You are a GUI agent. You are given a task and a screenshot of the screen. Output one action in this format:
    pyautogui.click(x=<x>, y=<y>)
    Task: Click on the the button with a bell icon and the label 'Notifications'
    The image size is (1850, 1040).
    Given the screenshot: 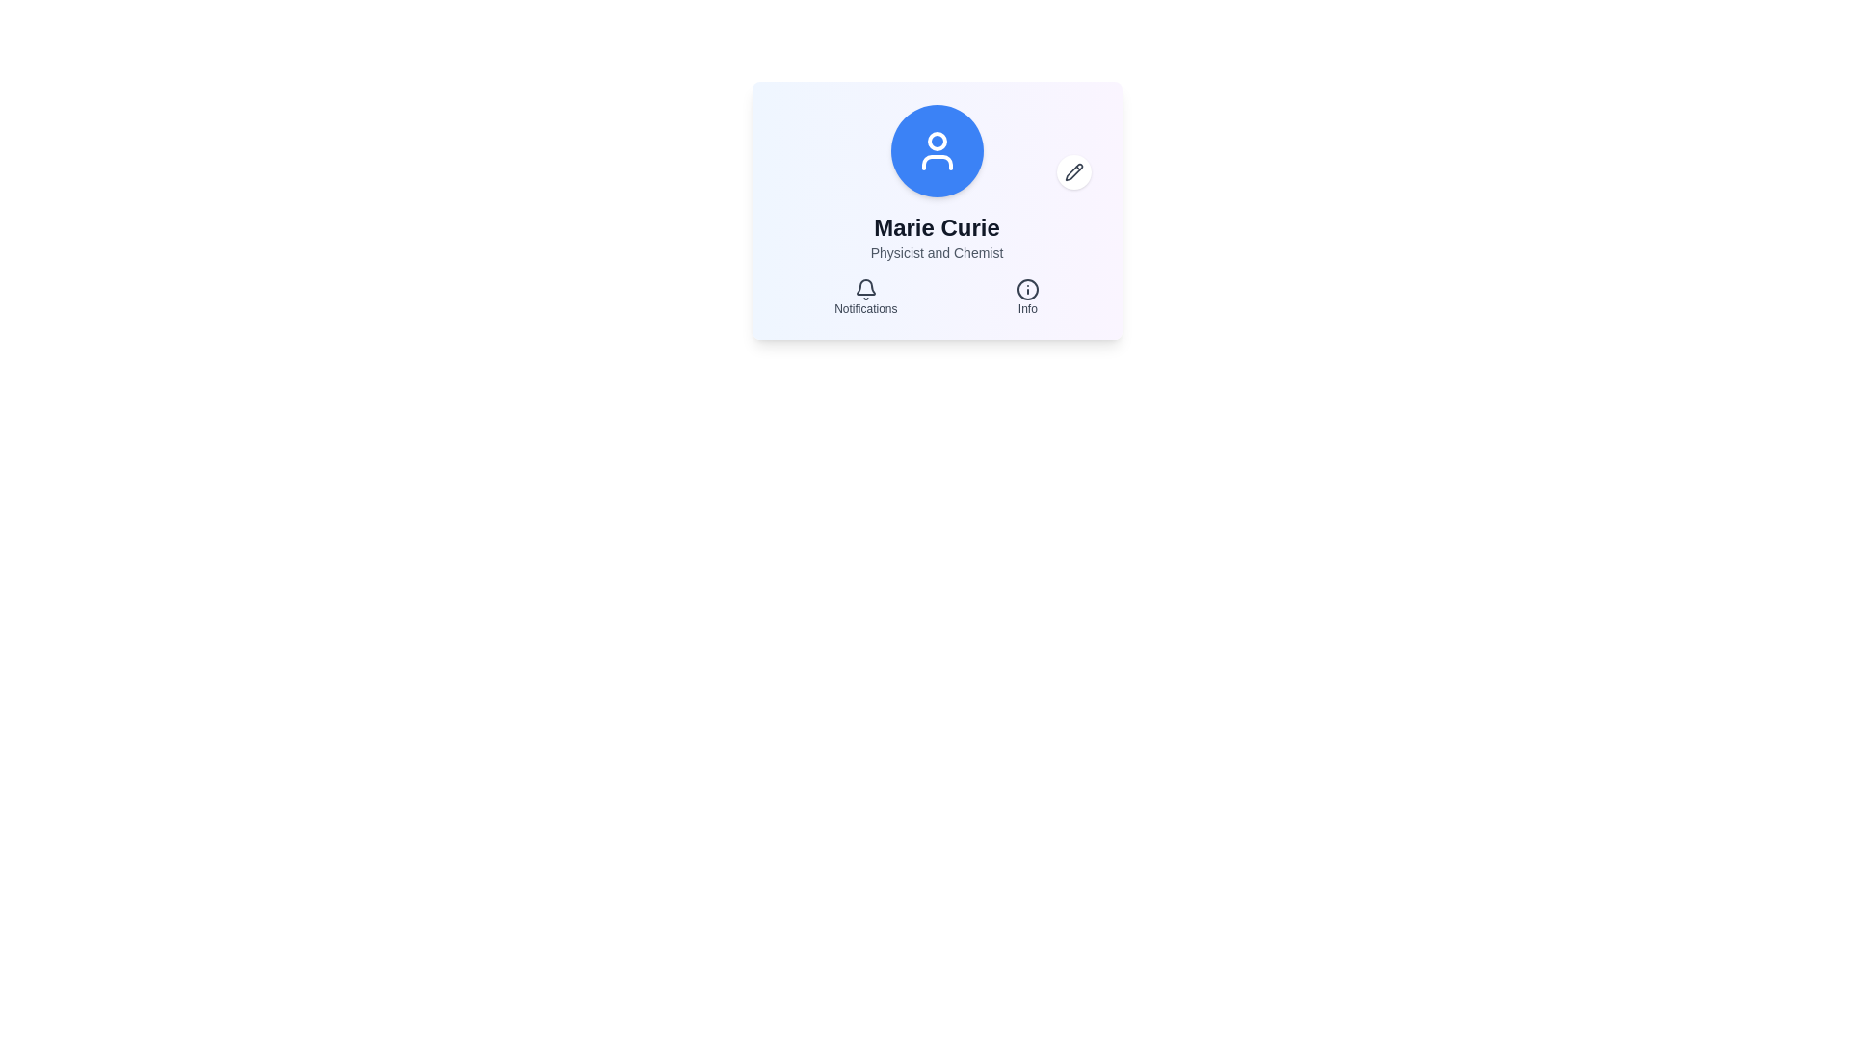 What is the action you would take?
    pyautogui.click(x=864, y=297)
    